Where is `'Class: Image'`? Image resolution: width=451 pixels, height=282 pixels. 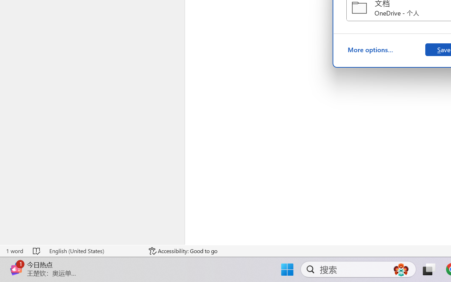 'Class: Image' is located at coordinates (16, 269).